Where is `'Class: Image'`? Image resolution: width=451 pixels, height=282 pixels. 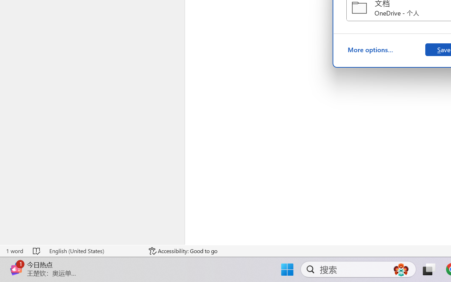 'Class: Image' is located at coordinates (16, 269).